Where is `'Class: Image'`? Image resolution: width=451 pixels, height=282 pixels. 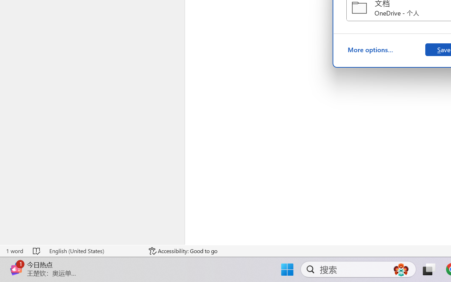 'Class: Image' is located at coordinates (16, 269).